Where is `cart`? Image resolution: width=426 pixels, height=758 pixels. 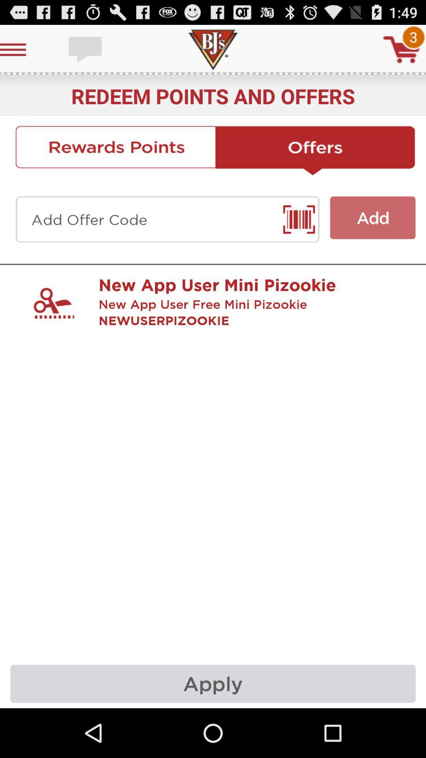
cart is located at coordinates (402, 49).